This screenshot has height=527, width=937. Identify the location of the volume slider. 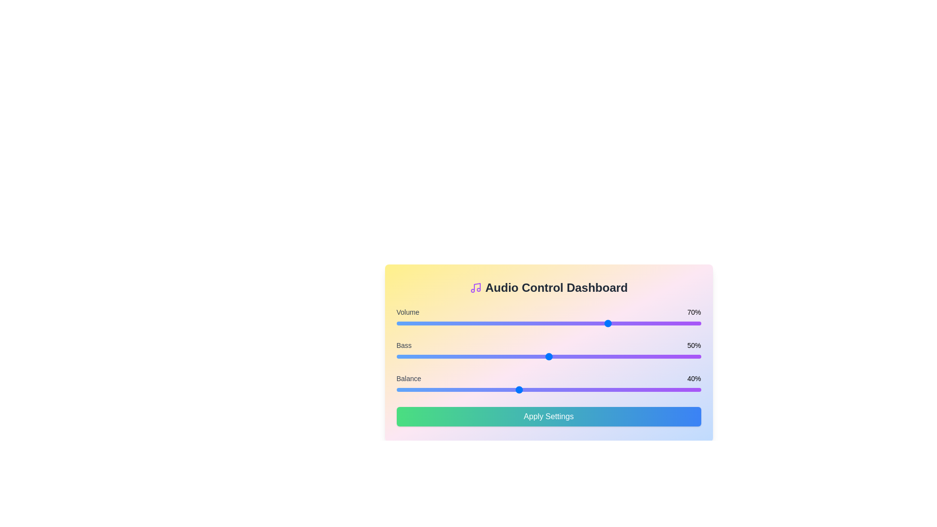
(588, 324).